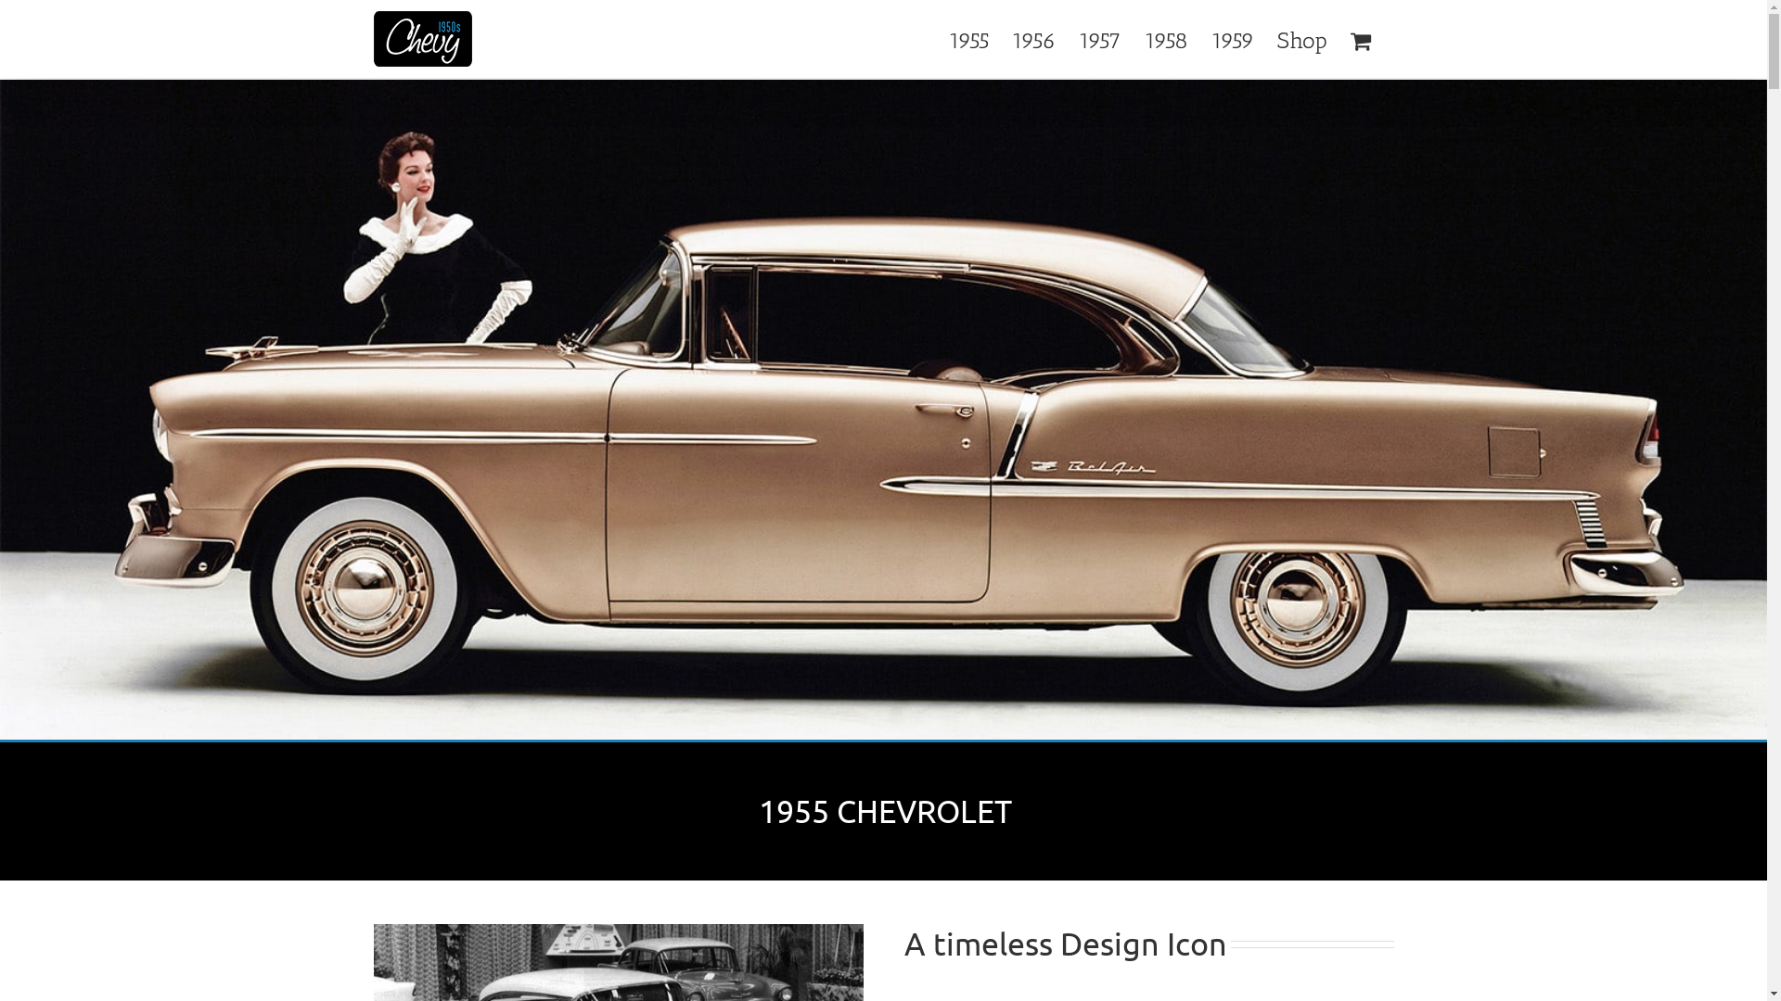  What do you see at coordinates (1233, 39) in the screenshot?
I see `'1959'` at bounding box center [1233, 39].